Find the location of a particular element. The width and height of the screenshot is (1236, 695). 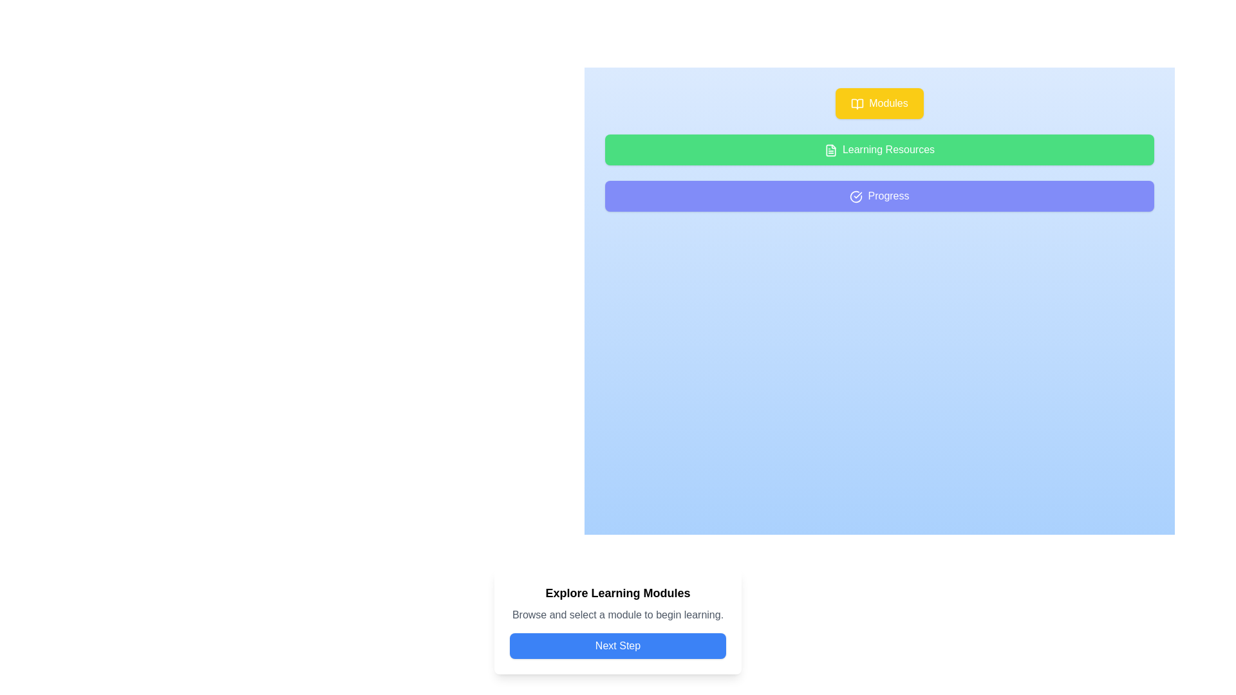

the navigation button located below the yellow 'Modules' button and above the blue 'Progress' button is located at coordinates (879, 149).